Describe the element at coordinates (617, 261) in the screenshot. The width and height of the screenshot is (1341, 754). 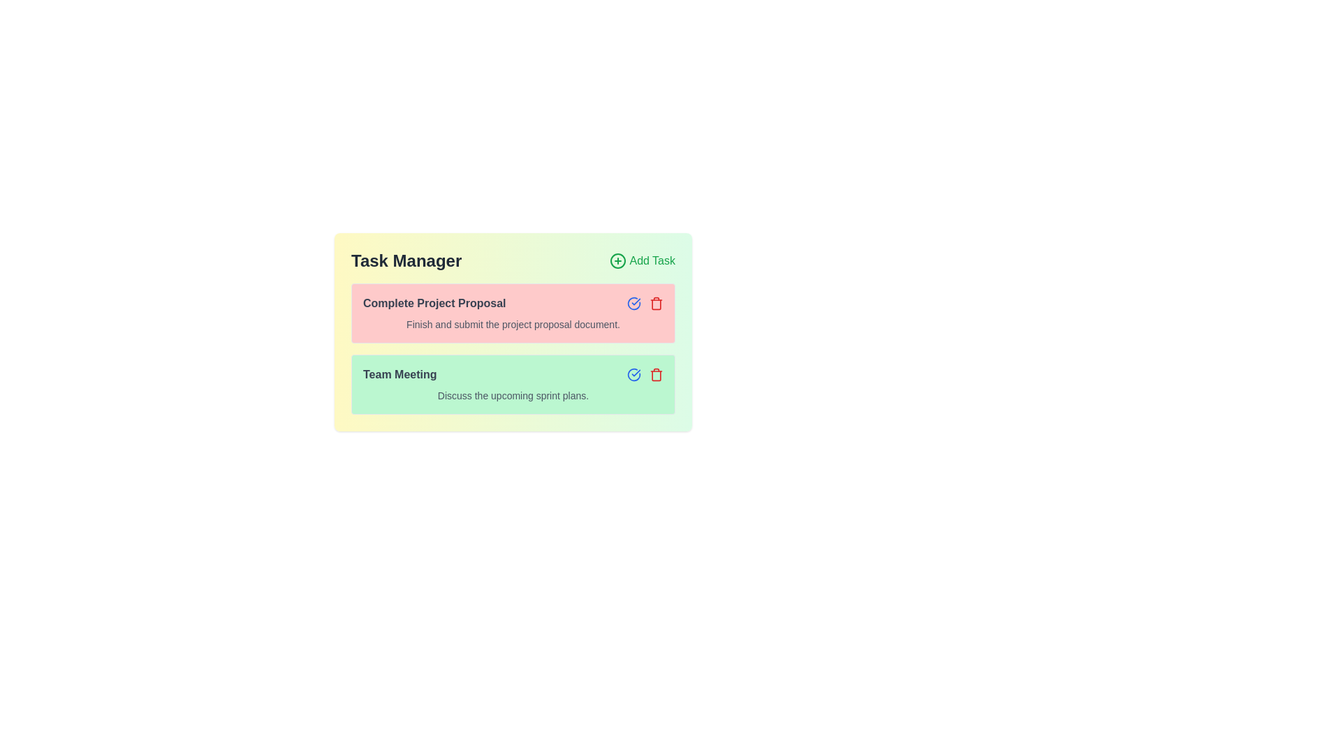
I see `the icon-based button located at the top-right corner of the Task Manager interface` at that location.